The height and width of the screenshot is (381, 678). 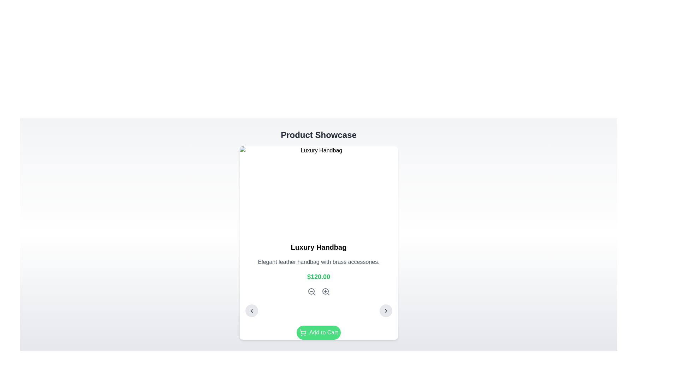 What do you see at coordinates (318, 277) in the screenshot?
I see `the Text label displaying the price of the product featured in the card, located below the description 'Elegant leather handbag with brass accessories.' and above the zoom icons` at bounding box center [318, 277].